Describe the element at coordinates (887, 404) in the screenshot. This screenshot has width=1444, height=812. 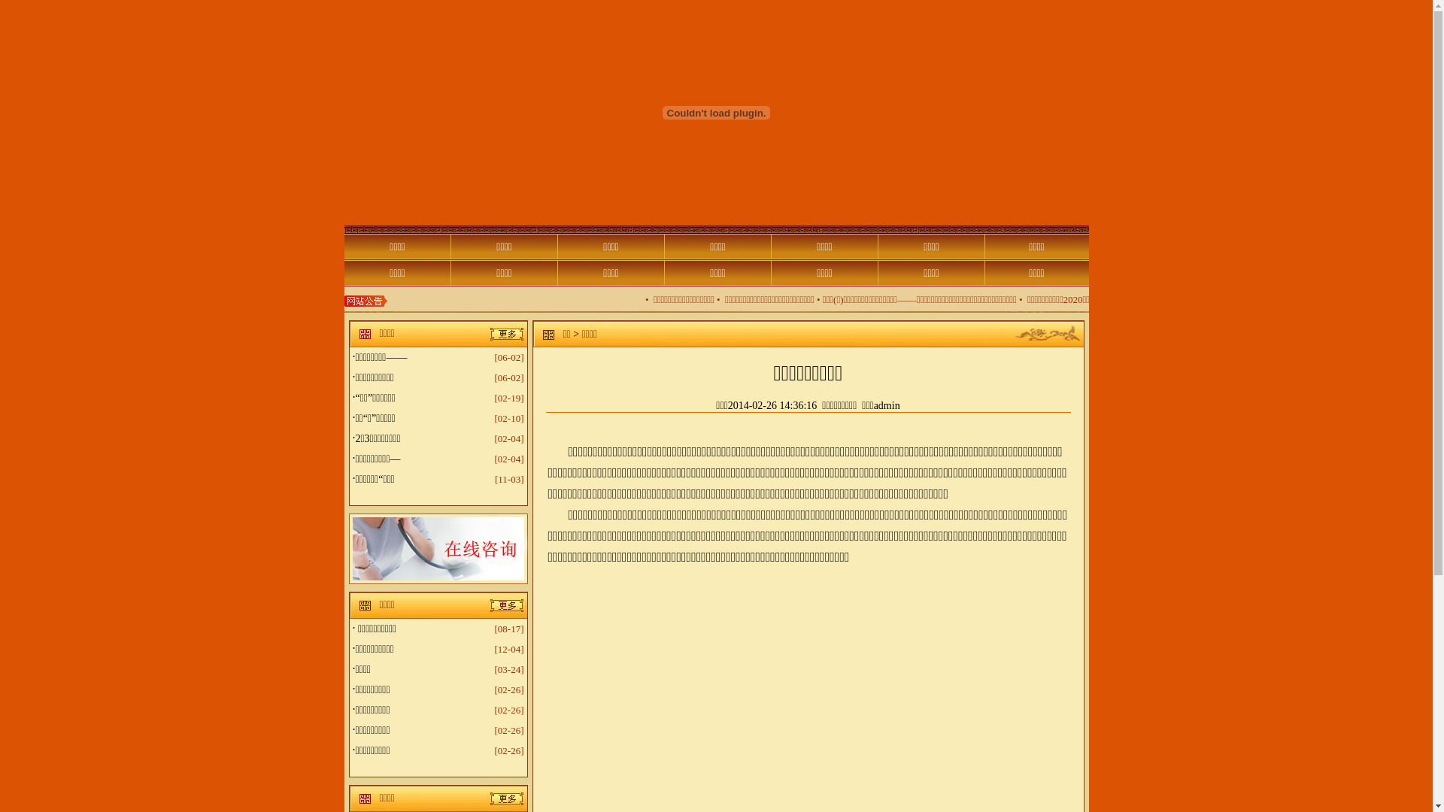
I see `'admin'` at that location.